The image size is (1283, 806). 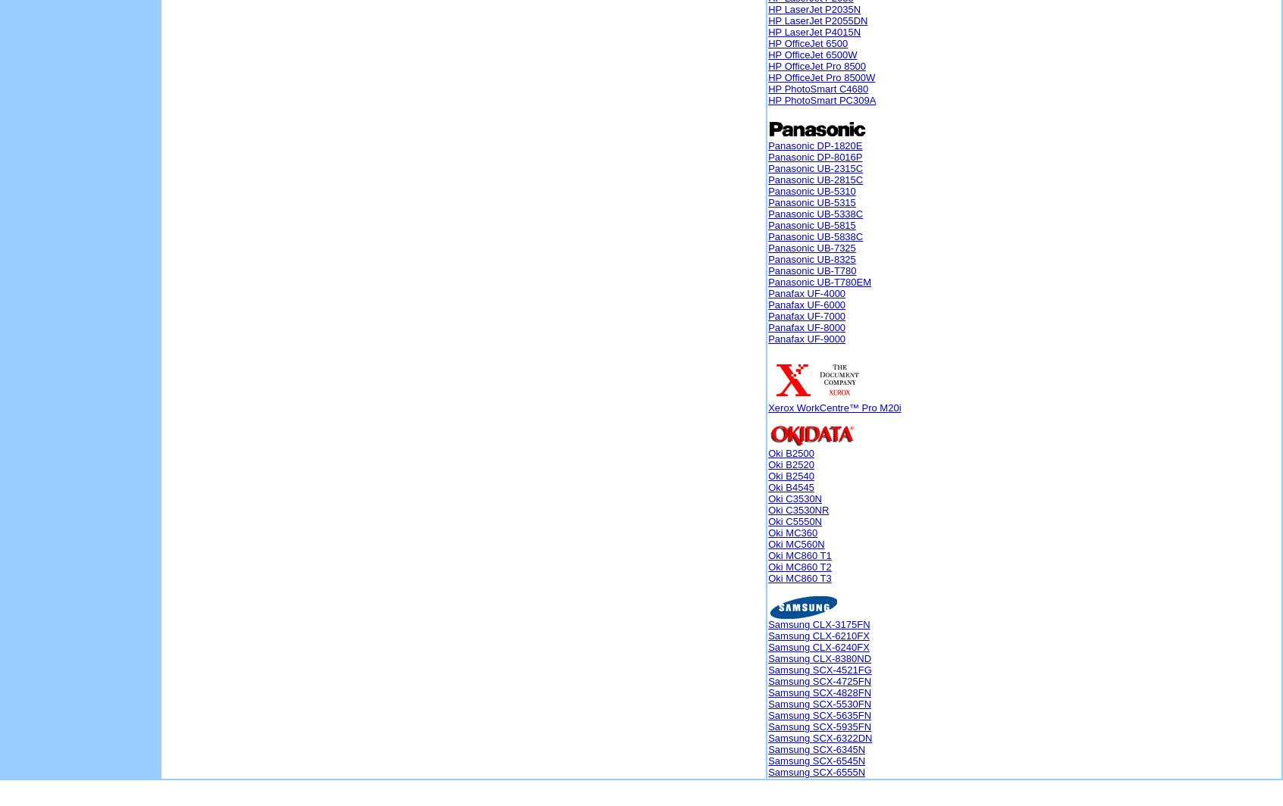 I want to click on 'Samsung CLX-6240FX', so click(x=818, y=647).